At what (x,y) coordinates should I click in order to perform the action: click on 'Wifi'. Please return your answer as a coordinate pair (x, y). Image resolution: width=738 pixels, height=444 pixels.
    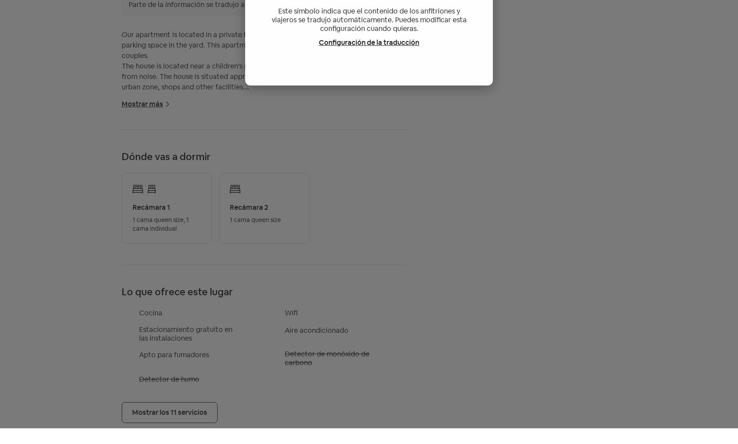
    Looking at the image, I should click on (291, 312).